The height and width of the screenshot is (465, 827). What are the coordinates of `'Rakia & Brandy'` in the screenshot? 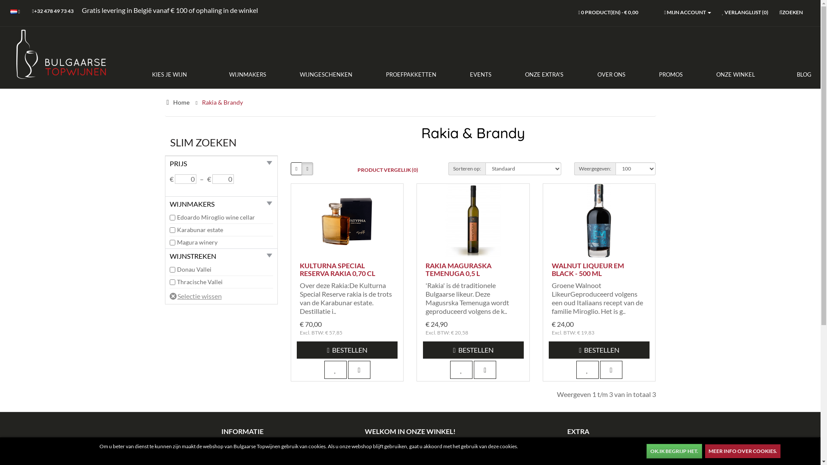 It's located at (201, 102).